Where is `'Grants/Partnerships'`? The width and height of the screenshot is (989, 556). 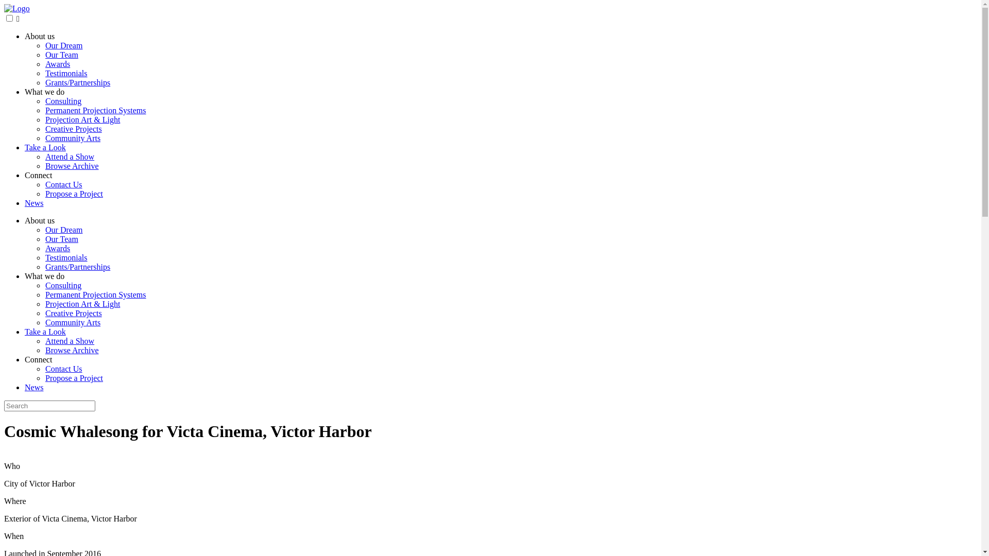 'Grants/Partnerships' is located at coordinates (77, 82).